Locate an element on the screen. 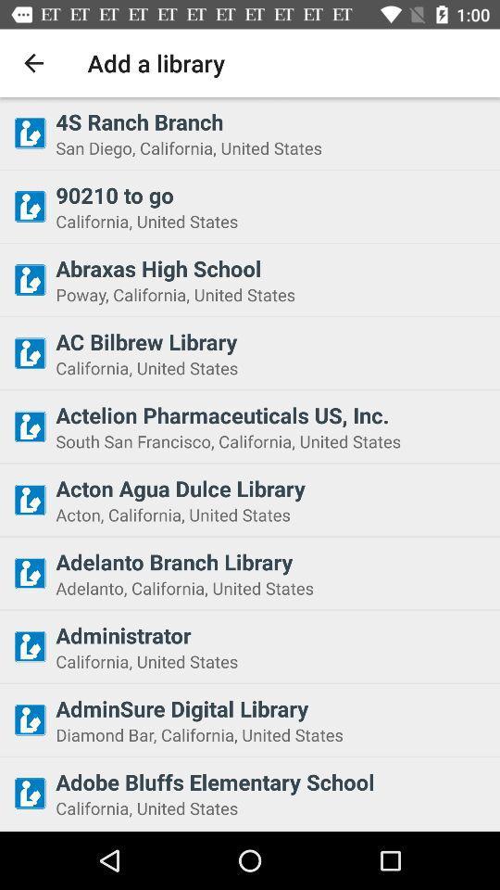 The height and width of the screenshot is (890, 500). item below the abraxas high school item is located at coordinates (271, 294).